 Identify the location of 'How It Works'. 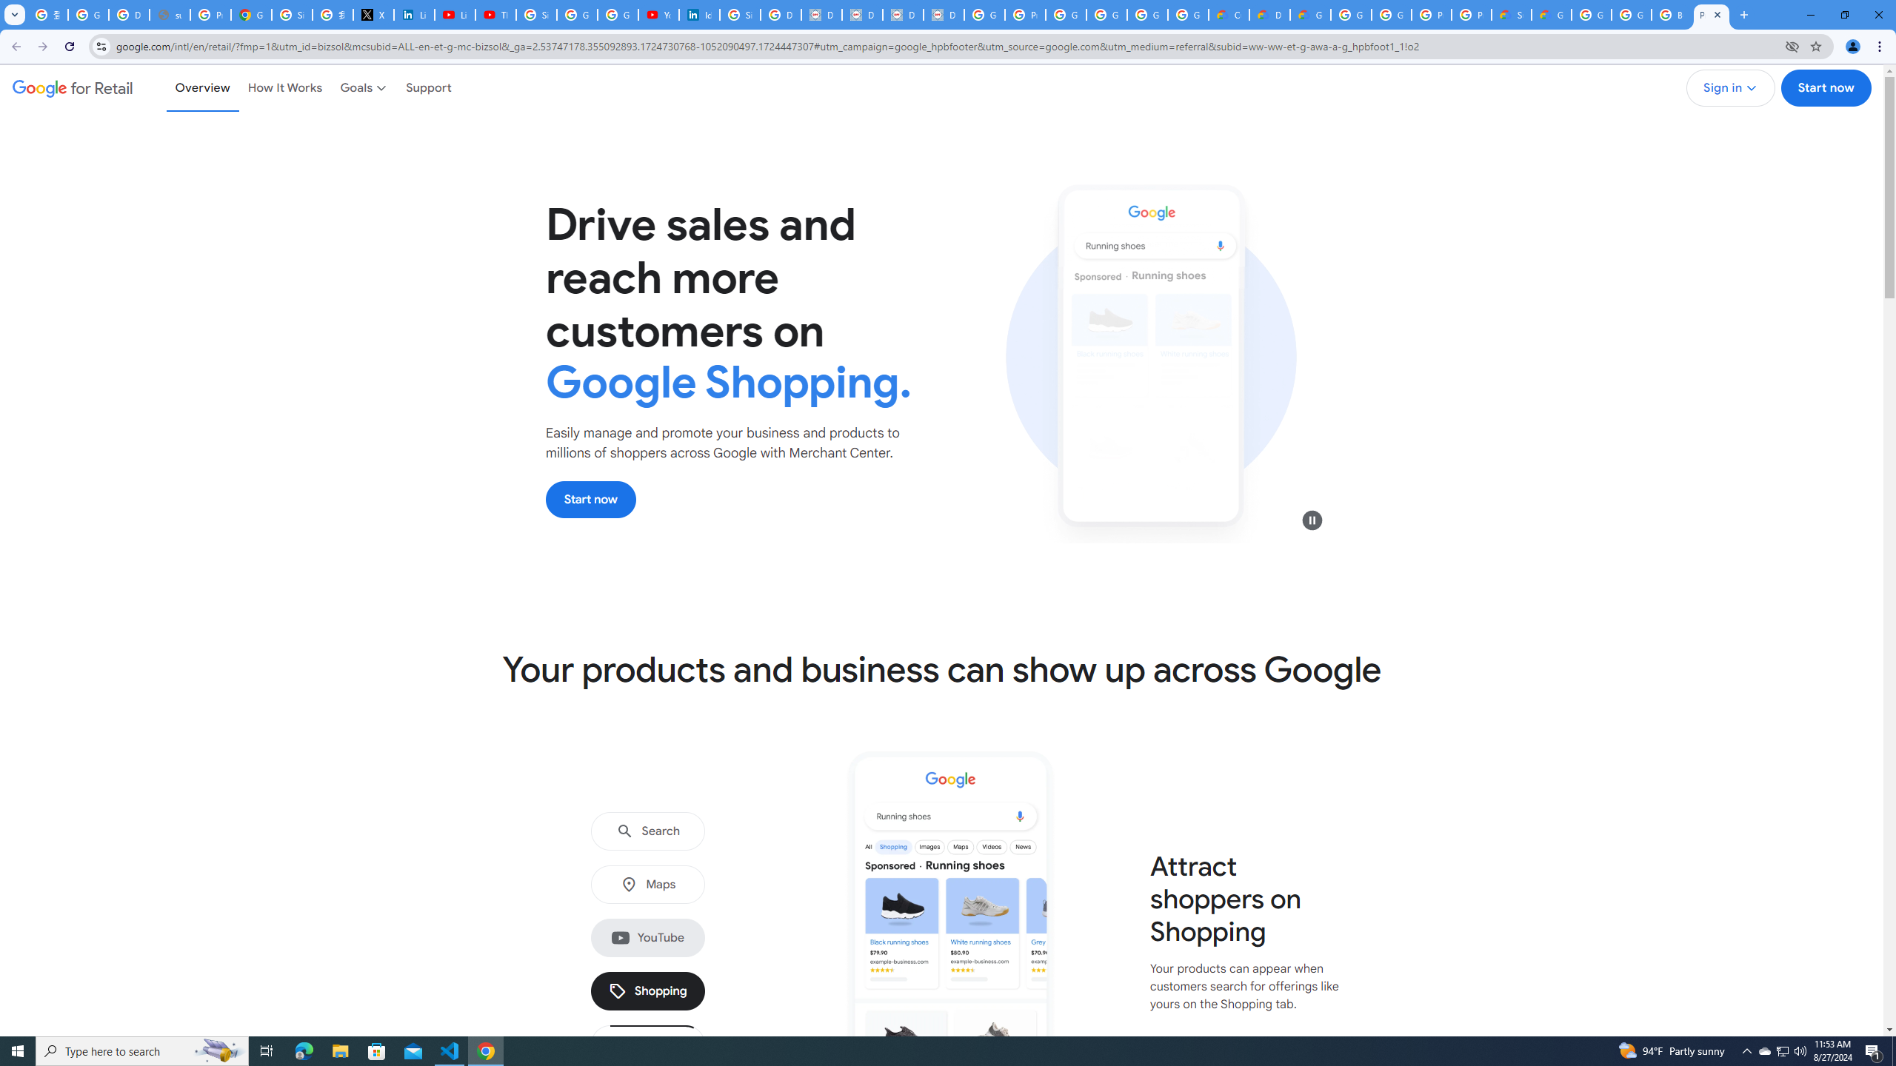
(284, 87).